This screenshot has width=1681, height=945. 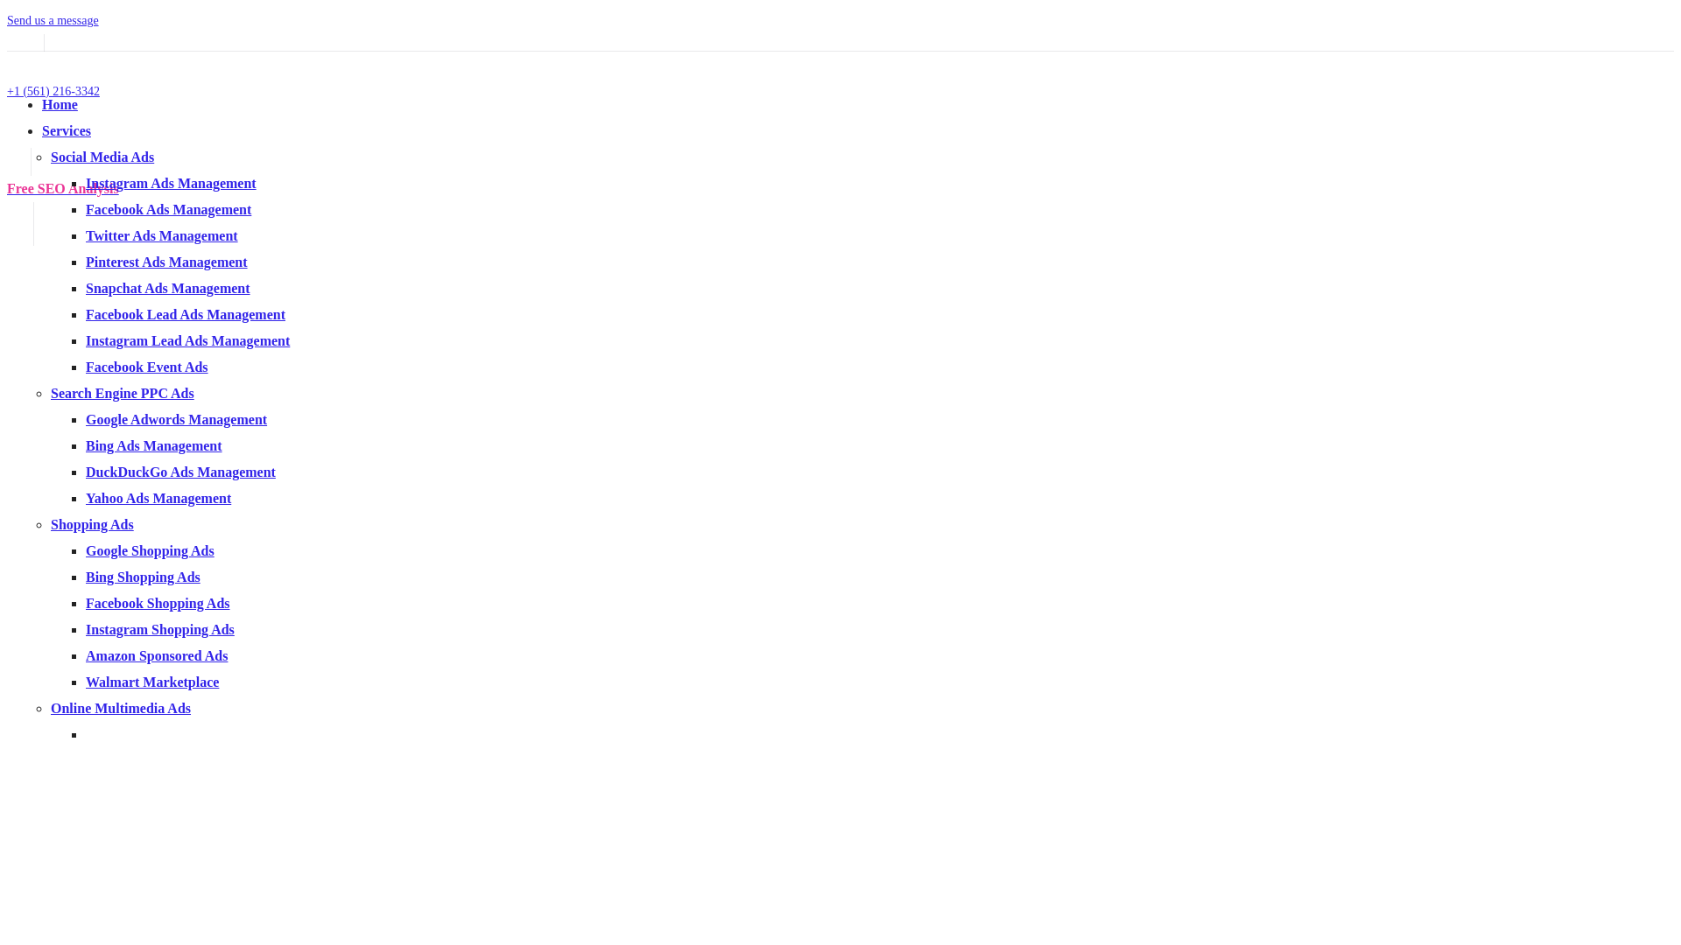 What do you see at coordinates (176, 419) in the screenshot?
I see `'Google Adwords Management'` at bounding box center [176, 419].